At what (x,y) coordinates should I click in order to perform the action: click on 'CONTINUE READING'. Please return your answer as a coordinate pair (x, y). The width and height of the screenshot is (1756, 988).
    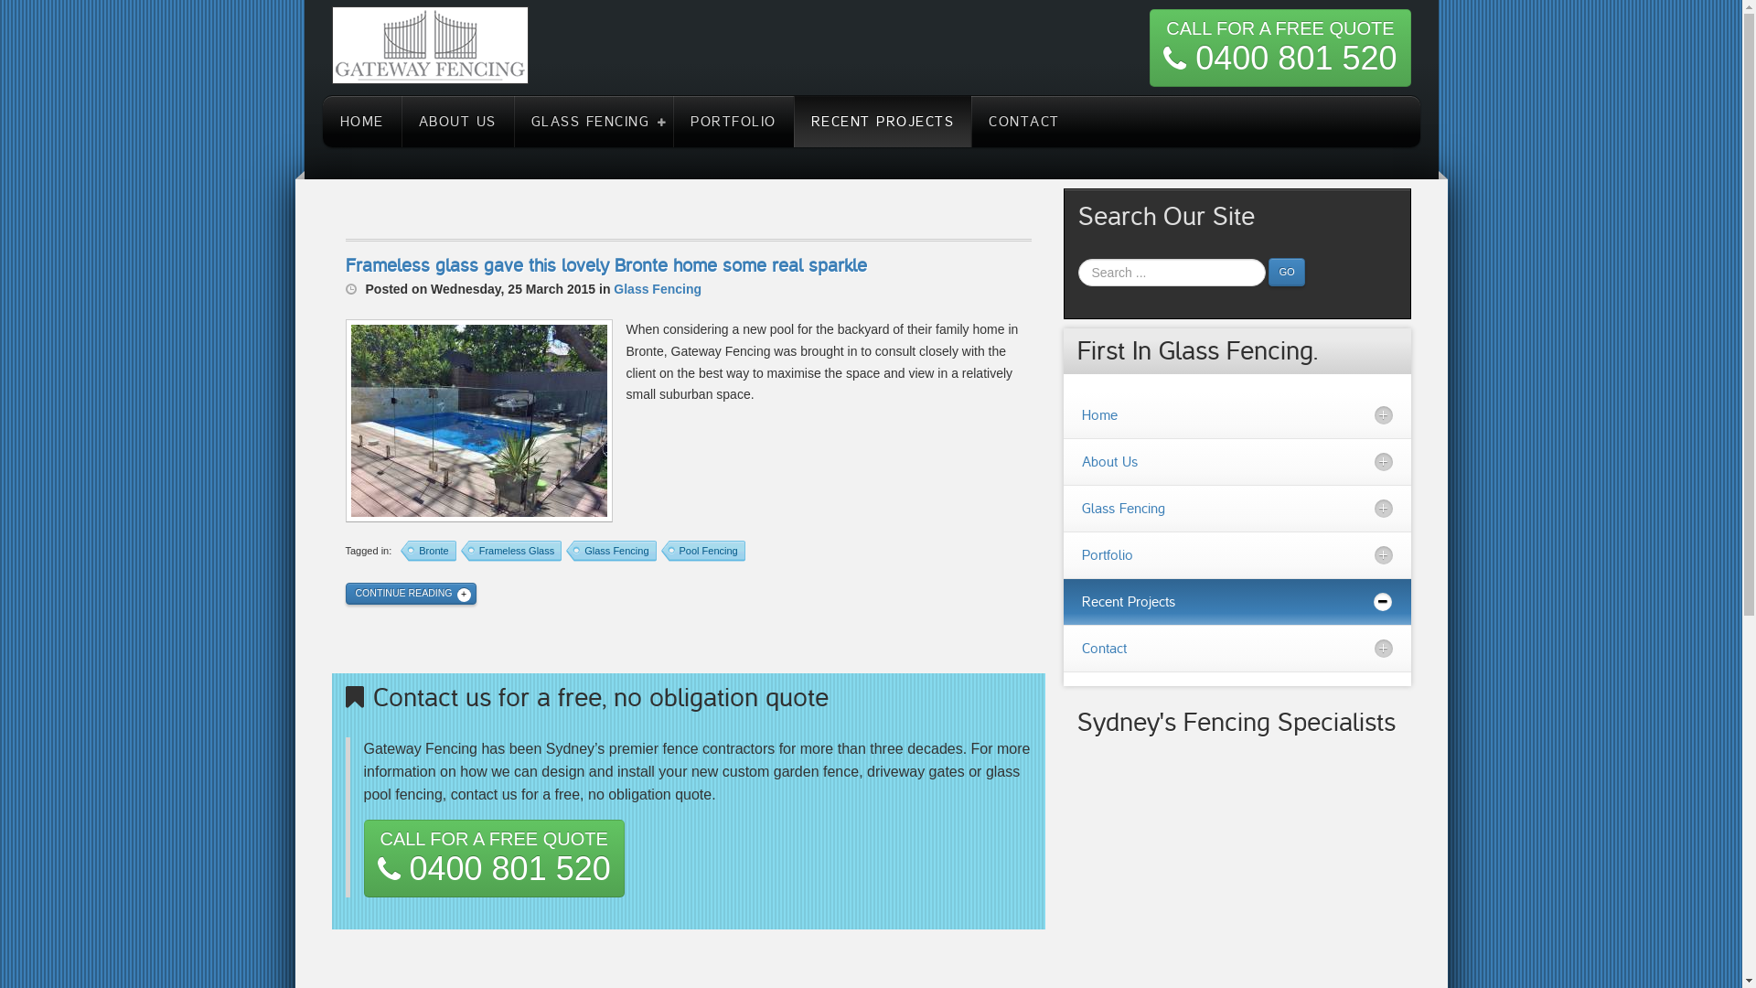
    Looking at the image, I should click on (410, 593).